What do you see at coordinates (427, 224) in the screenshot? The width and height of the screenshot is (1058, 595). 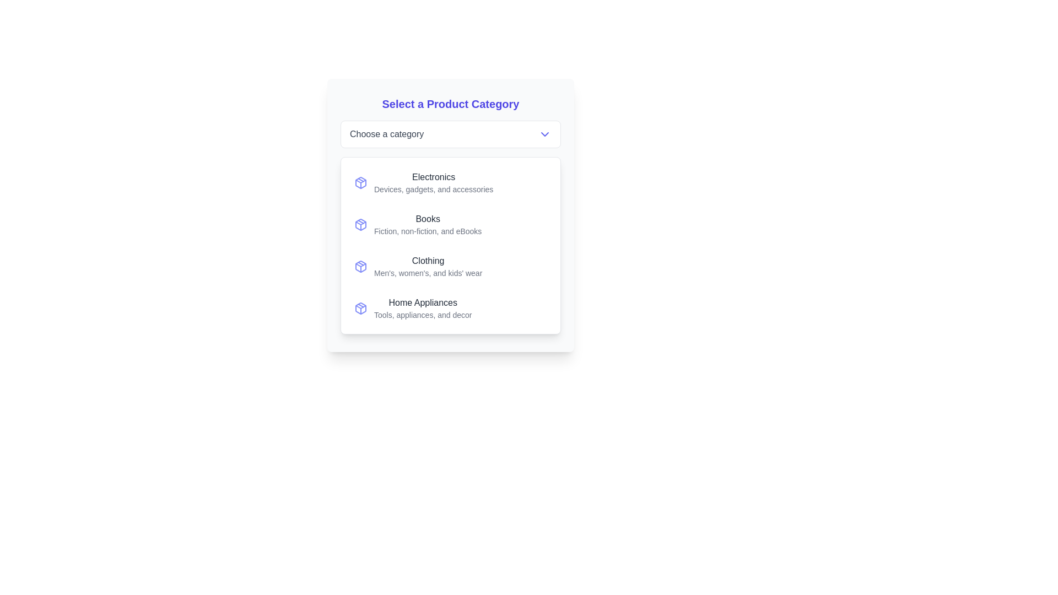 I see `the 'Books' category text label` at bounding box center [427, 224].